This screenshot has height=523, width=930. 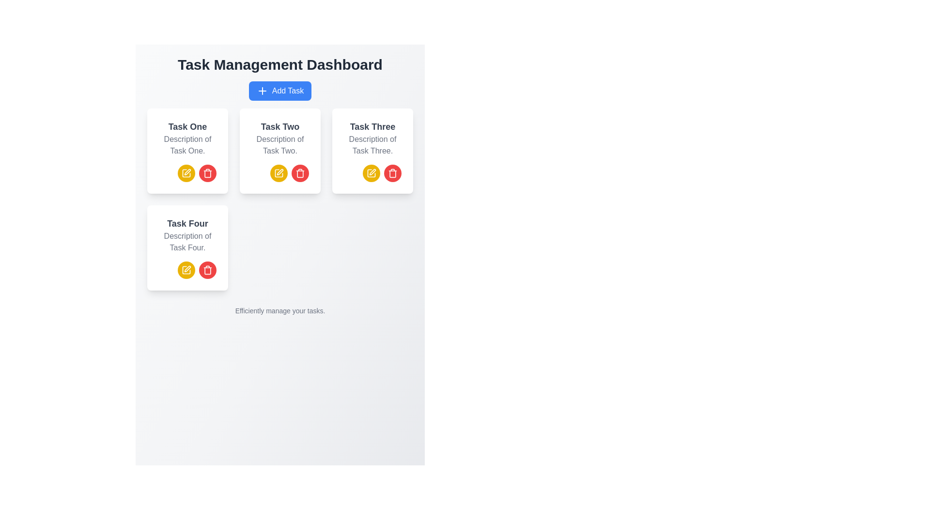 What do you see at coordinates (187, 126) in the screenshot?
I see `title of the text label displaying 'Task One', which is a bold, dark gray text located at the top of the first card in a grid layout` at bounding box center [187, 126].